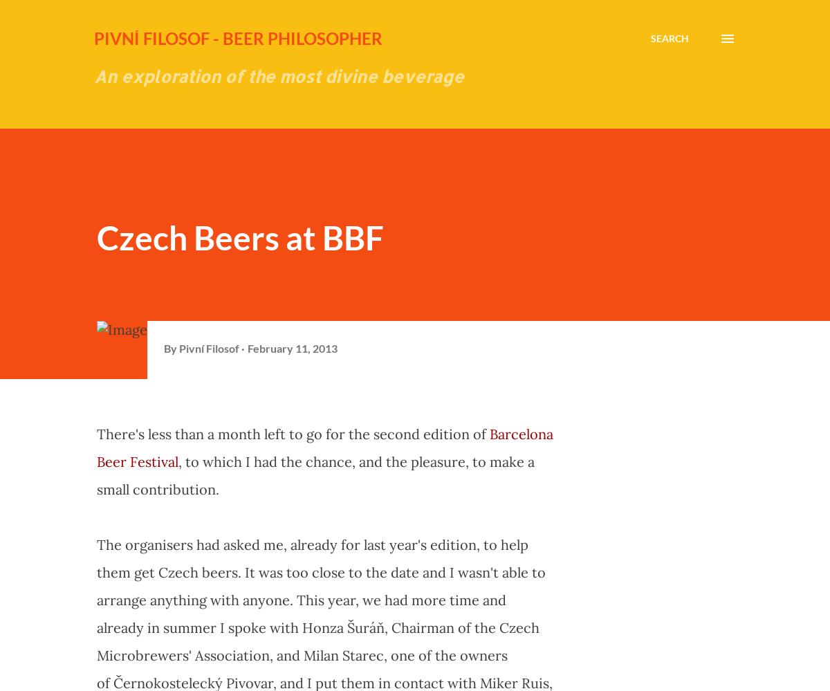  I want to click on 'Brewpubs', so click(649, 499).